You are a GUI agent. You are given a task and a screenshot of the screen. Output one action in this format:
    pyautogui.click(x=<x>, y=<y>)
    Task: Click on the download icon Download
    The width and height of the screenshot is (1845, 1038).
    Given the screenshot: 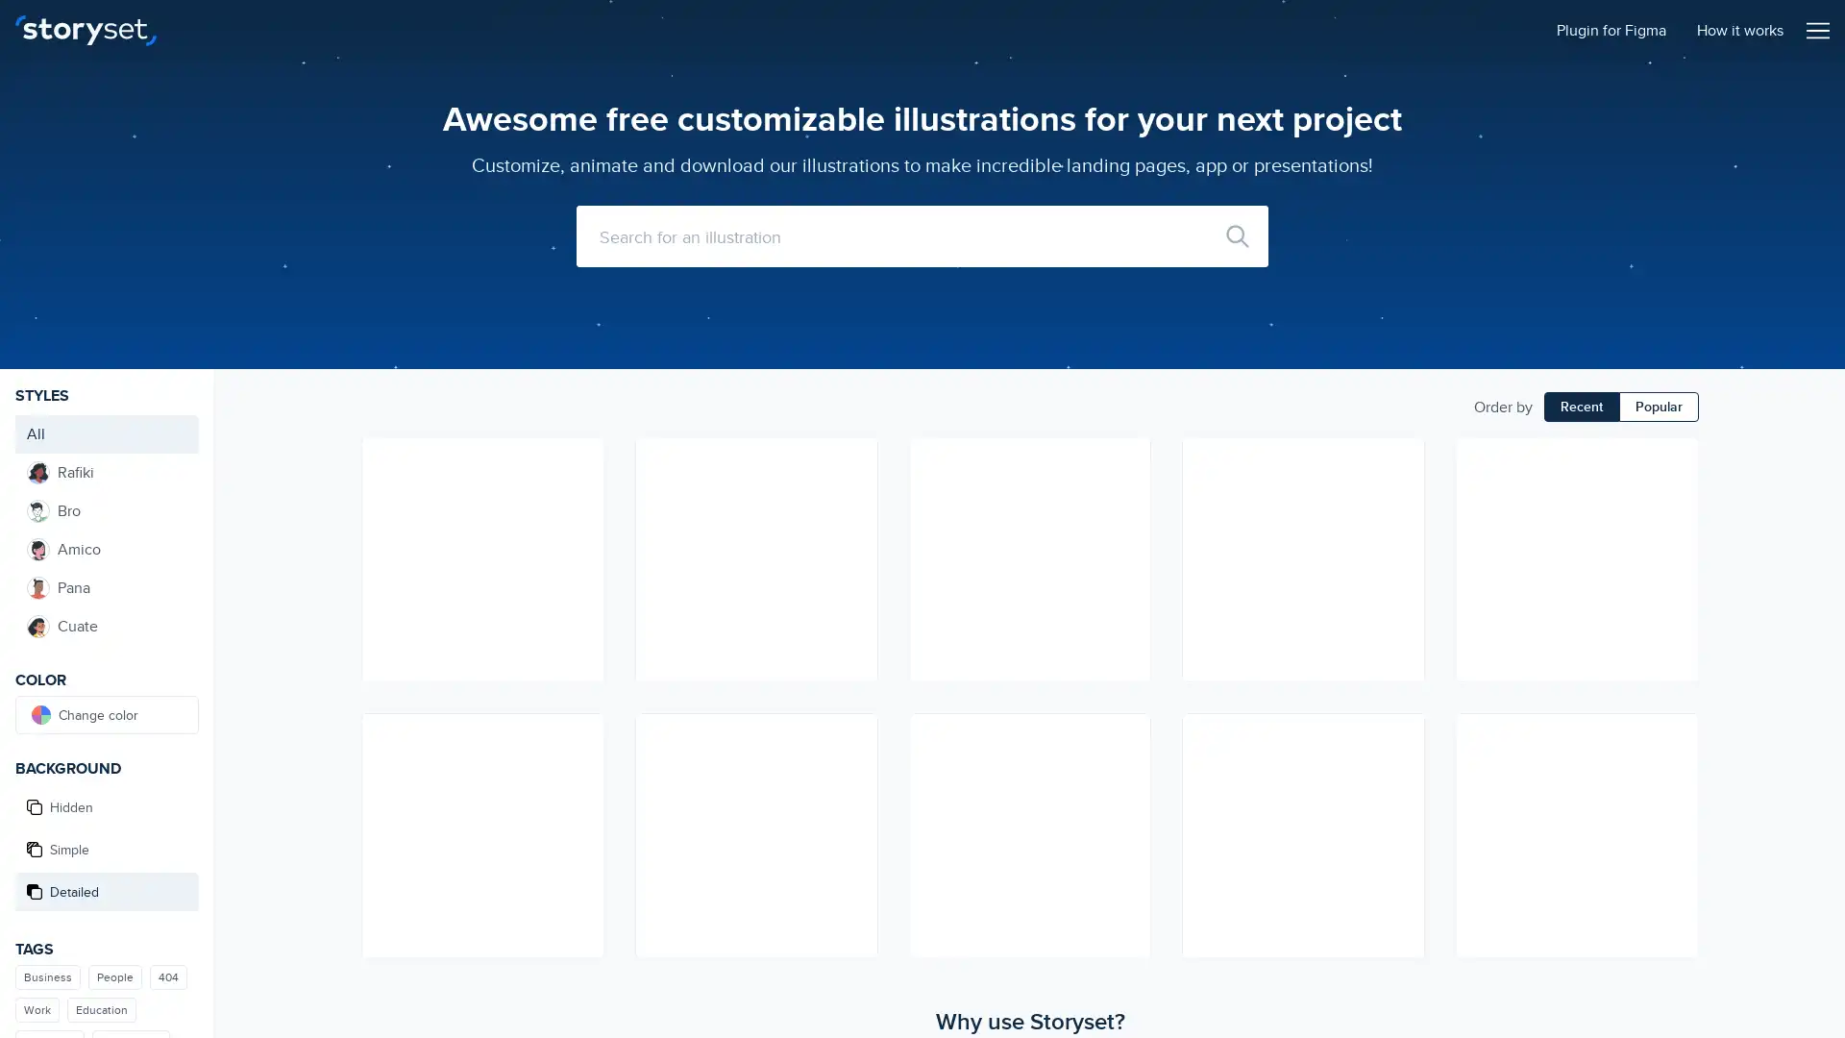 What is the action you would take?
    pyautogui.click(x=1126, y=495)
    